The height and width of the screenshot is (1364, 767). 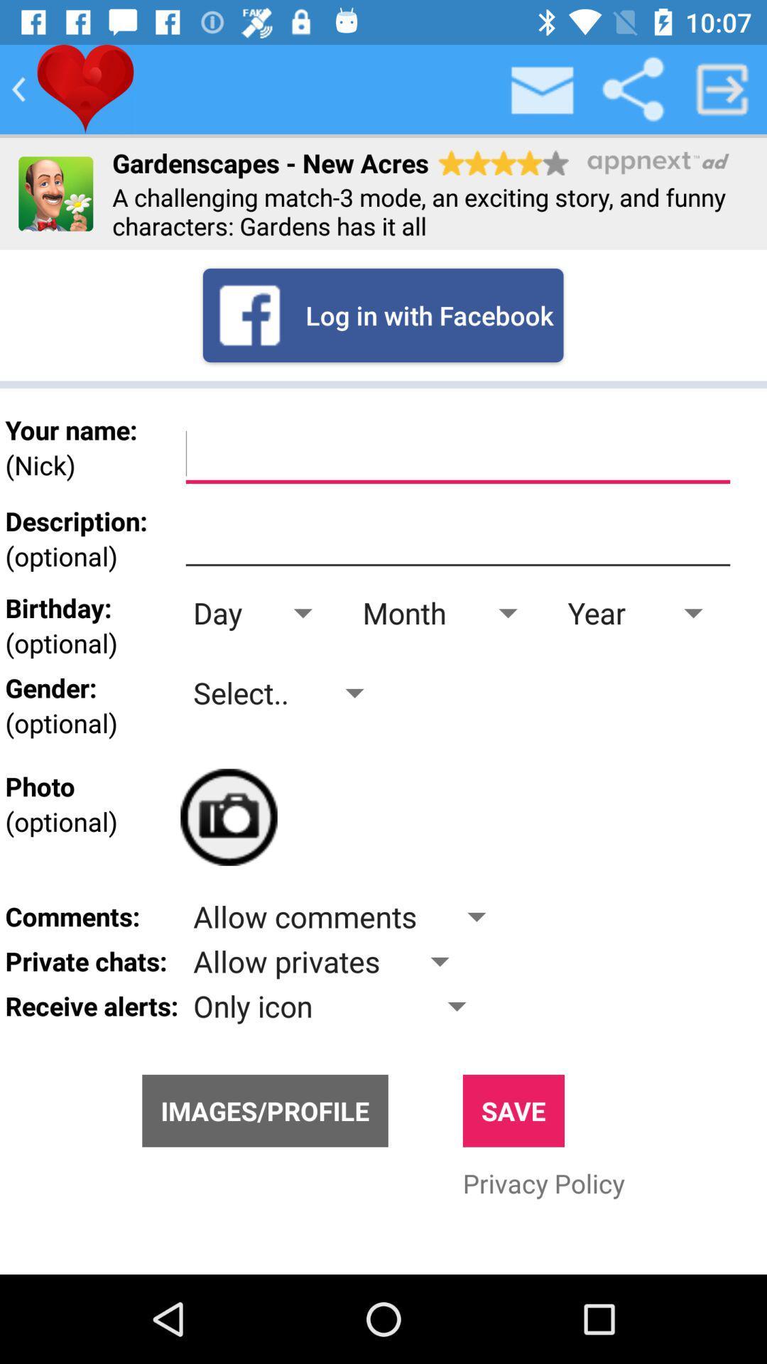 I want to click on photo, so click(x=228, y=817).